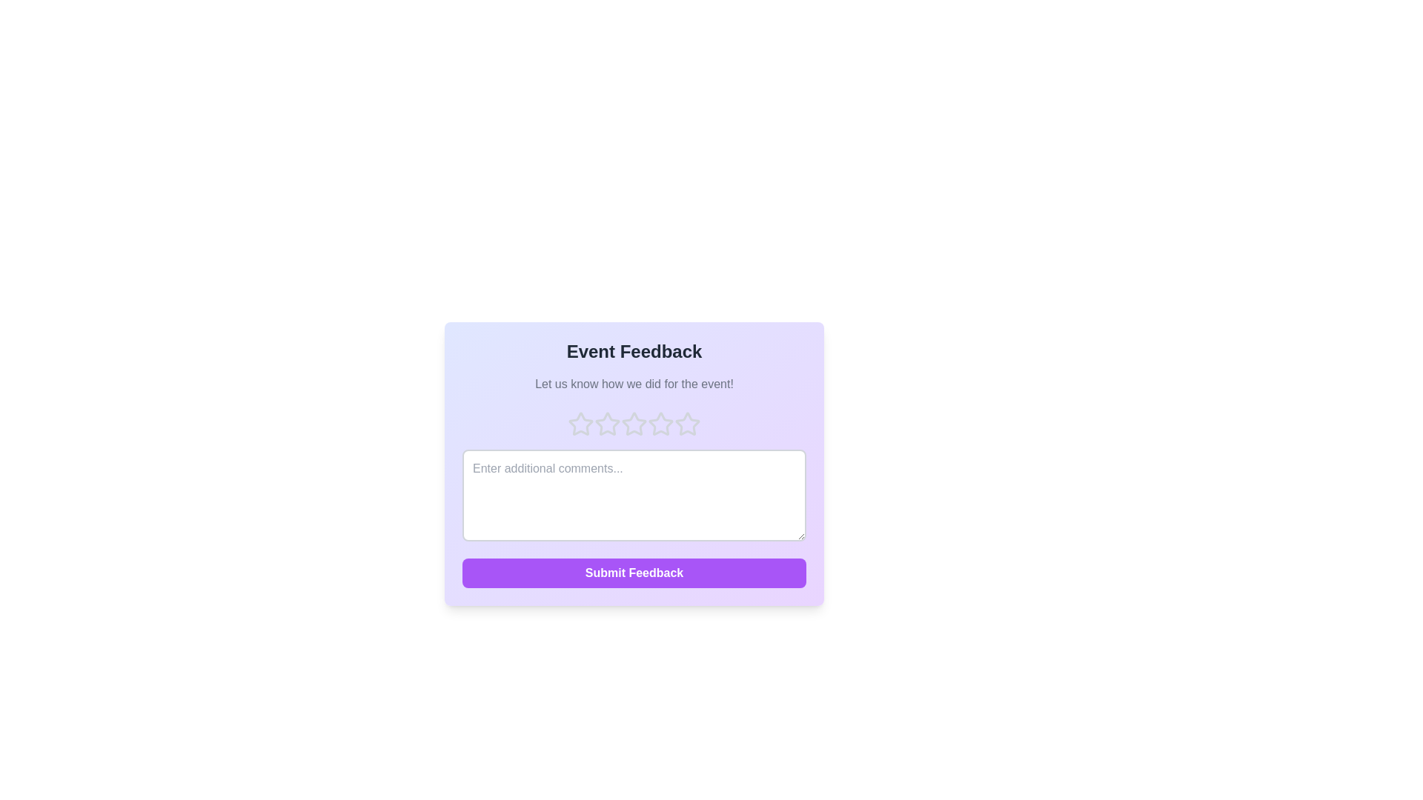 The image size is (1423, 800). What do you see at coordinates (634, 573) in the screenshot?
I see `the submission button located at the bottom of the feedback form card` at bounding box center [634, 573].